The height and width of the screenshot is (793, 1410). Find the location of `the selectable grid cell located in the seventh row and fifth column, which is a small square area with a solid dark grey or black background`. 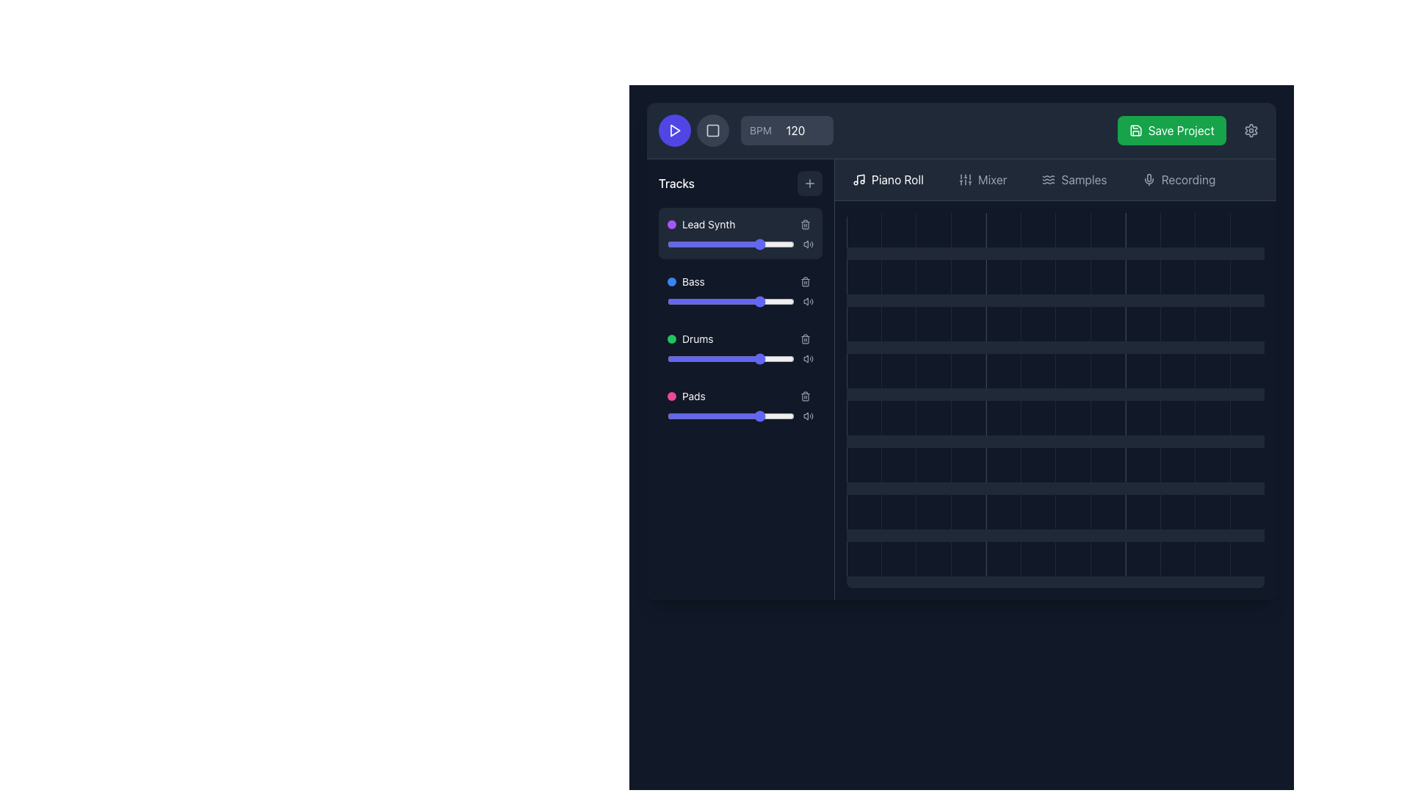

the selectable grid cell located in the seventh row and fifth column, which is a small square area with a solid dark grey or black background is located at coordinates (1212, 323).